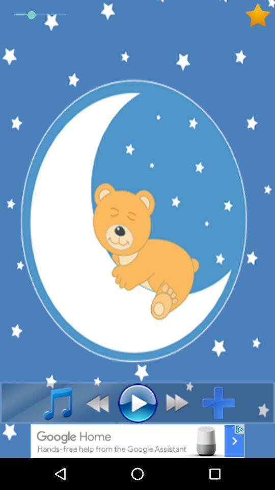 The width and height of the screenshot is (275, 490). Describe the element at coordinates (260, 14) in the screenshot. I see `the star icon` at that location.